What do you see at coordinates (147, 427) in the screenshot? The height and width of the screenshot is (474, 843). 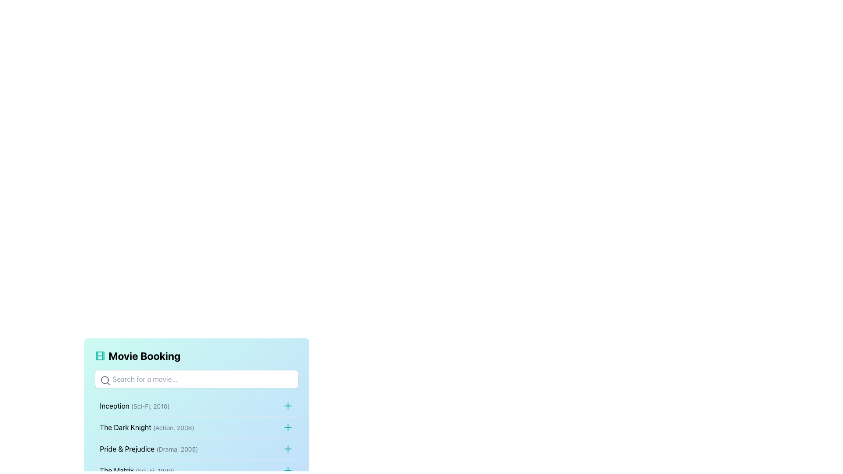 I see `the text block representing the movie 'The Dark Knight', which is the second item in the movie list, providing its title and details about its genre and release year` at bounding box center [147, 427].